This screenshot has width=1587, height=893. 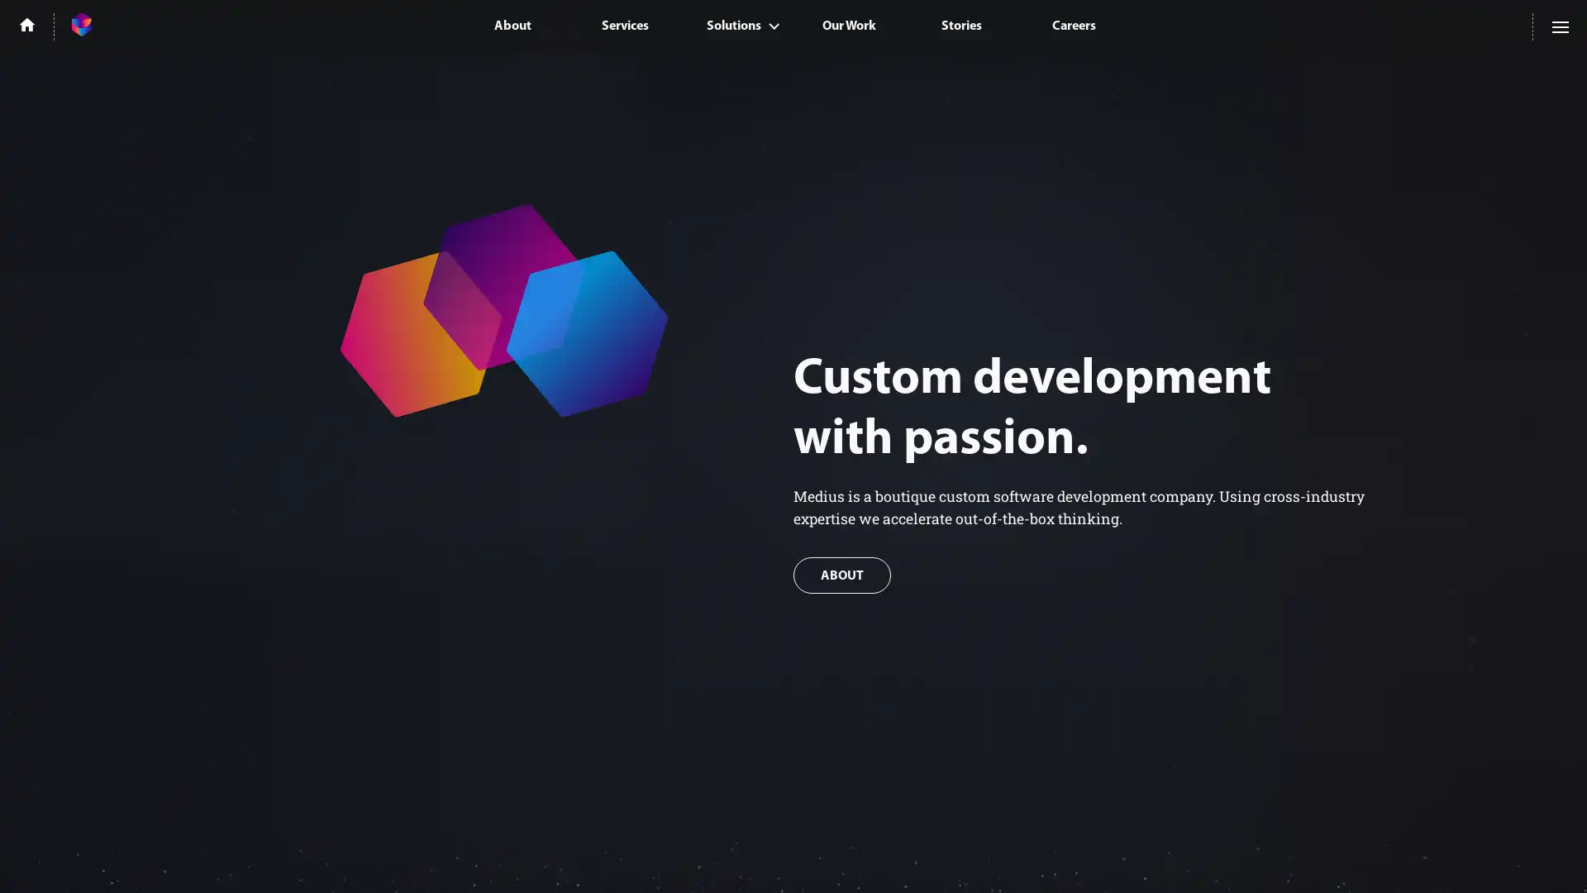 I want to click on HIDE, so click(x=1482, y=857).